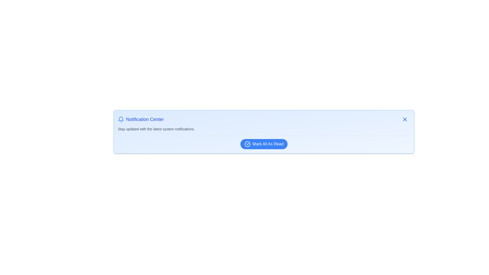 This screenshot has height=275, width=489. Describe the element at coordinates (404, 119) in the screenshot. I see `the blue 'X' icon button located in the top-right corner of the light blue notification box titled 'Notification Center'` at that location.